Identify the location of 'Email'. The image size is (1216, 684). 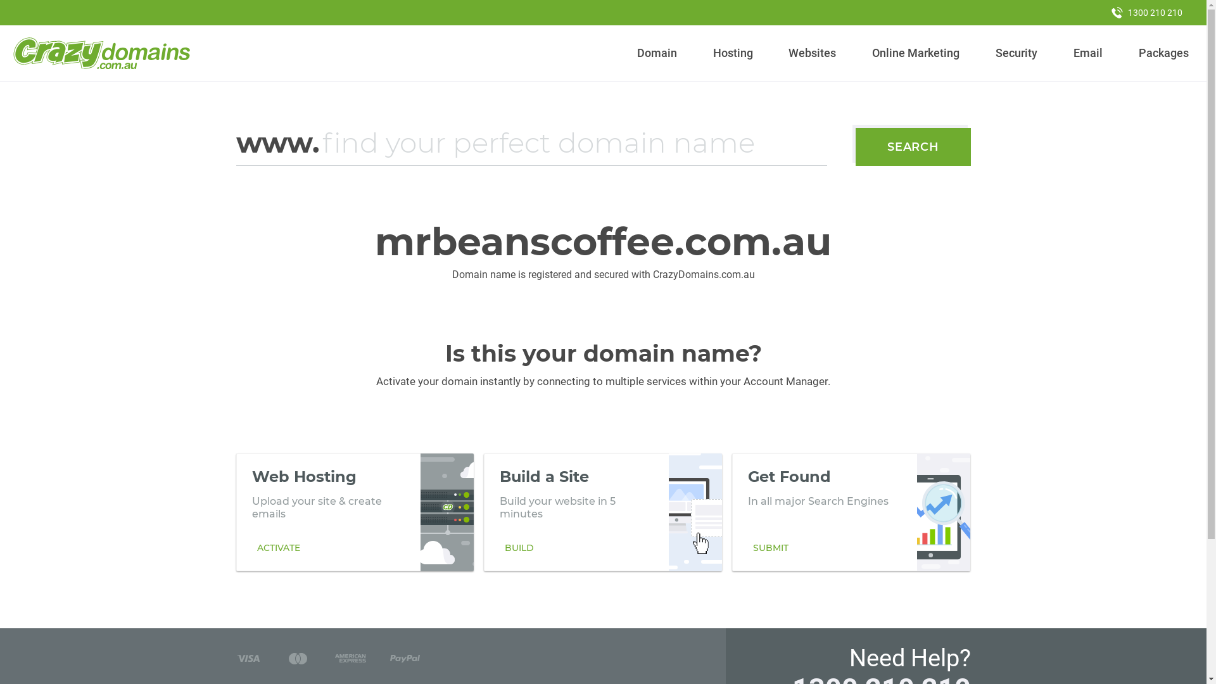
(1087, 53).